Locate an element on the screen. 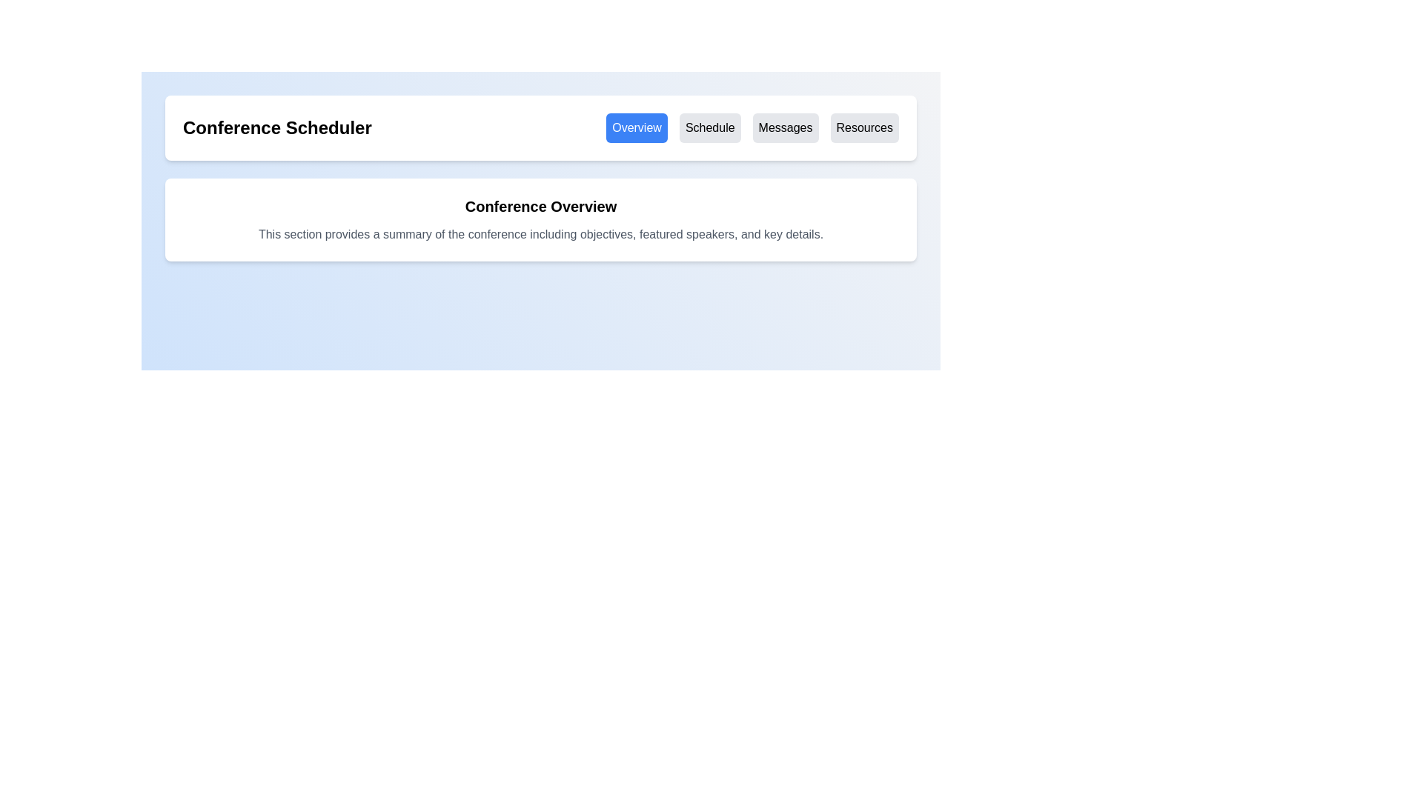 The height and width of the screenshot is (800, 1423). the 'Schedule' navigation button located in the upper-middle section of the layout is located at coordinates (709, 127).